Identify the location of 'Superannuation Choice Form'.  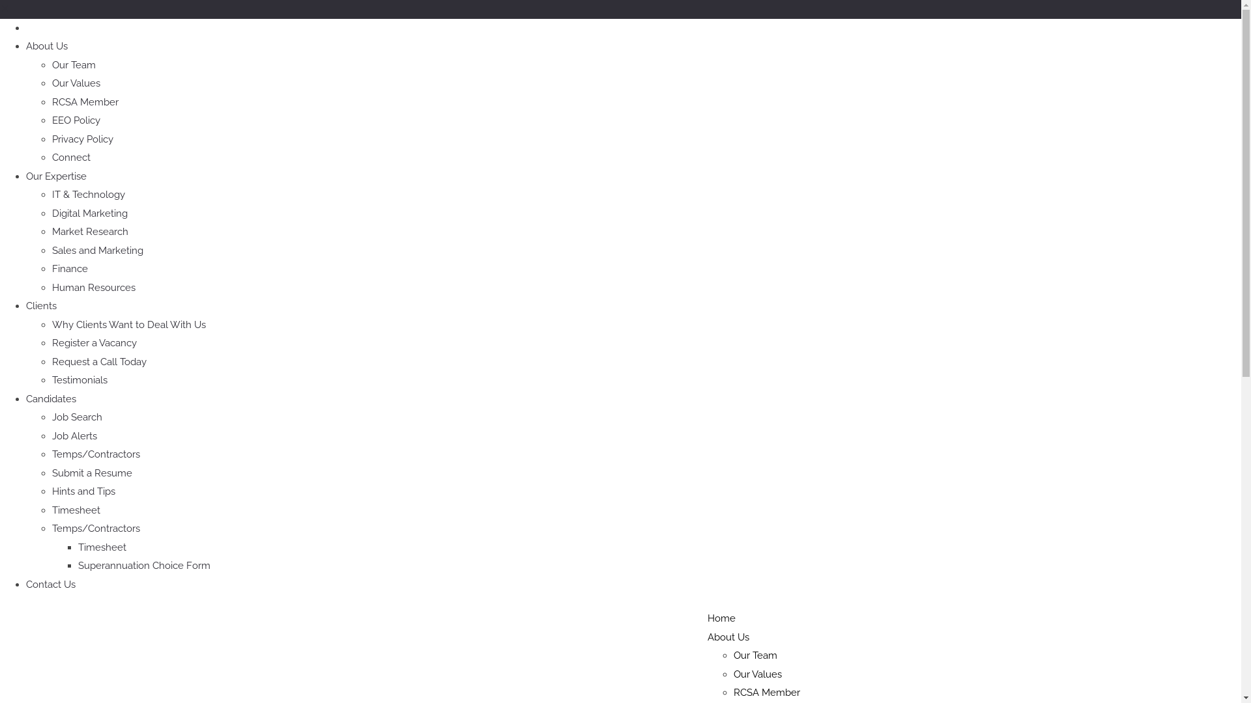
(78, 564).